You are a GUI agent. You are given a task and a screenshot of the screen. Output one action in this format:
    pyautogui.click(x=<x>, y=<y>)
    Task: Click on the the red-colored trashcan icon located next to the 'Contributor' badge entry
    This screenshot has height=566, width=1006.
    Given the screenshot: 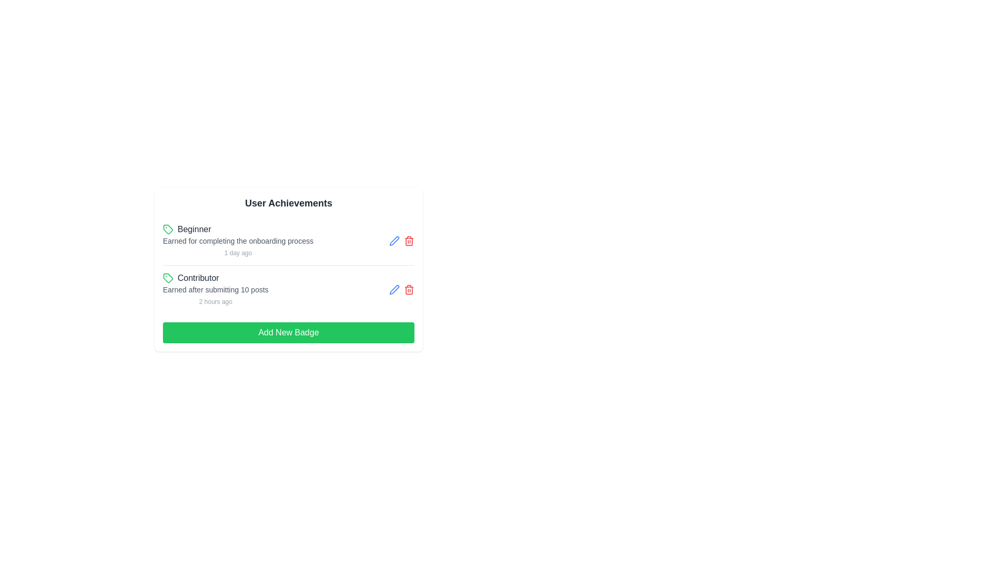 What is the action you would take?
    pyautogui.click(x=409, y=289)
    